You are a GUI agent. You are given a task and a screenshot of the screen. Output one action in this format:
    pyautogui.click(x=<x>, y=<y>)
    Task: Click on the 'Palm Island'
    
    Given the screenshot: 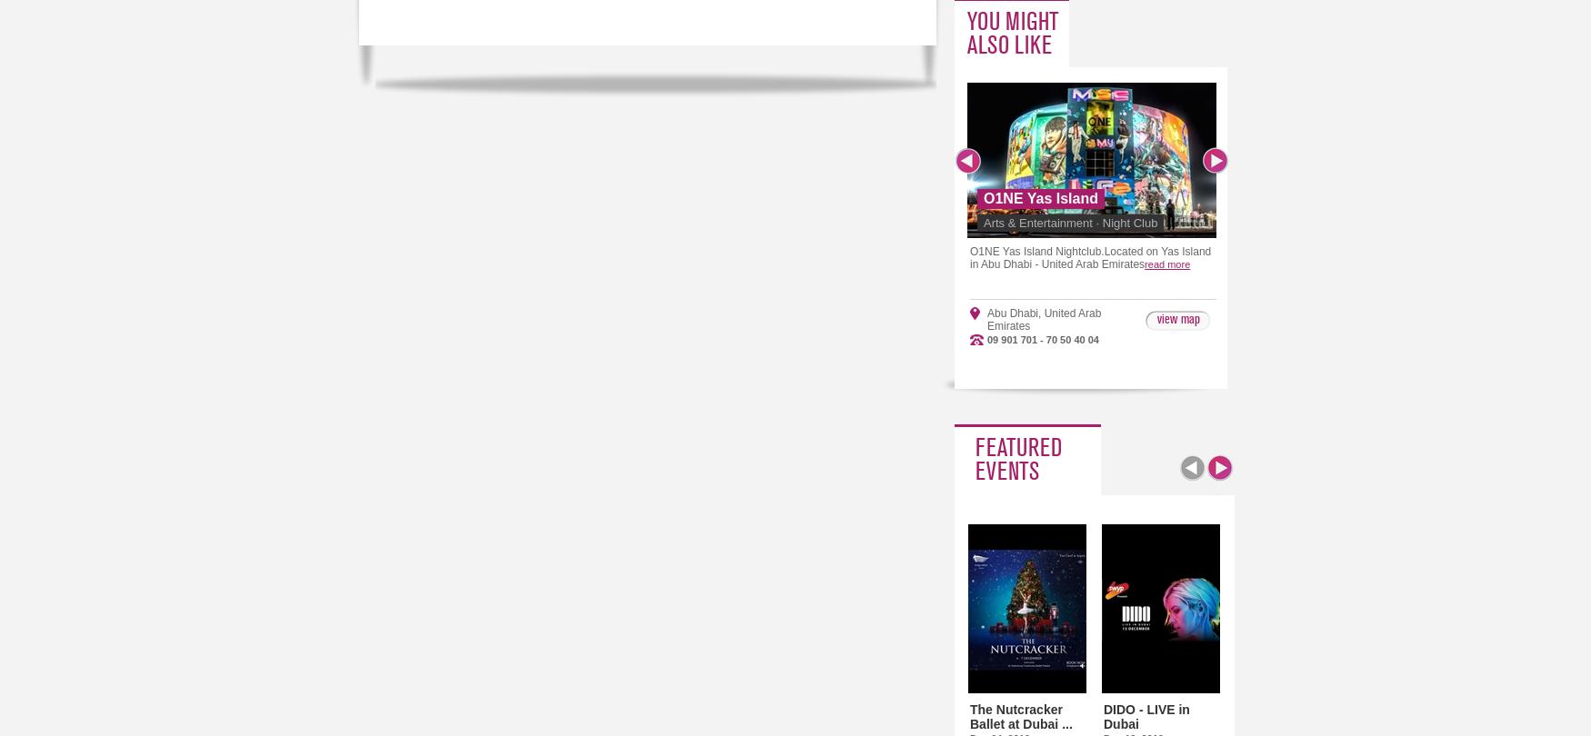 What is the action you would take?
    pyautogui.click(x=1512, y=312)
    